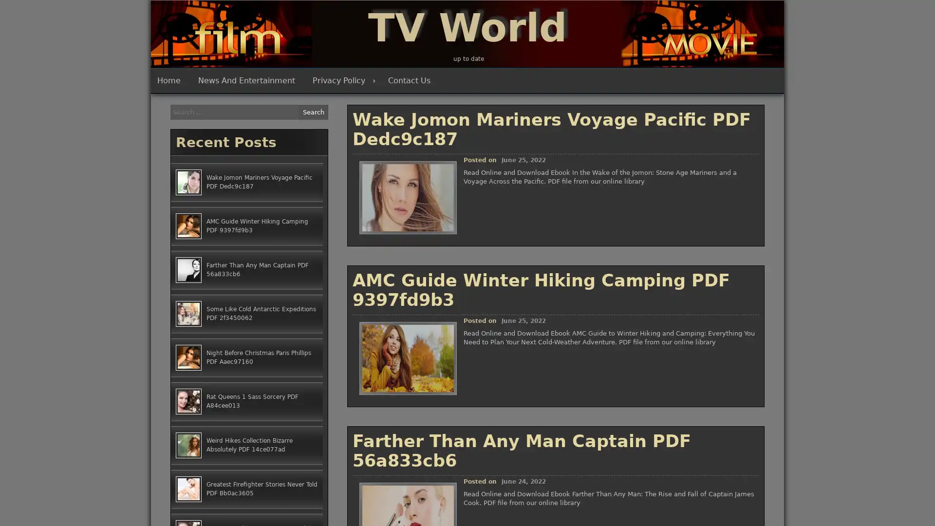 This screenshot has height=526, width=935. What do you see at coordinates (313, 112) in the screenshot?
I see `Search` at bounding box center [313, 112].